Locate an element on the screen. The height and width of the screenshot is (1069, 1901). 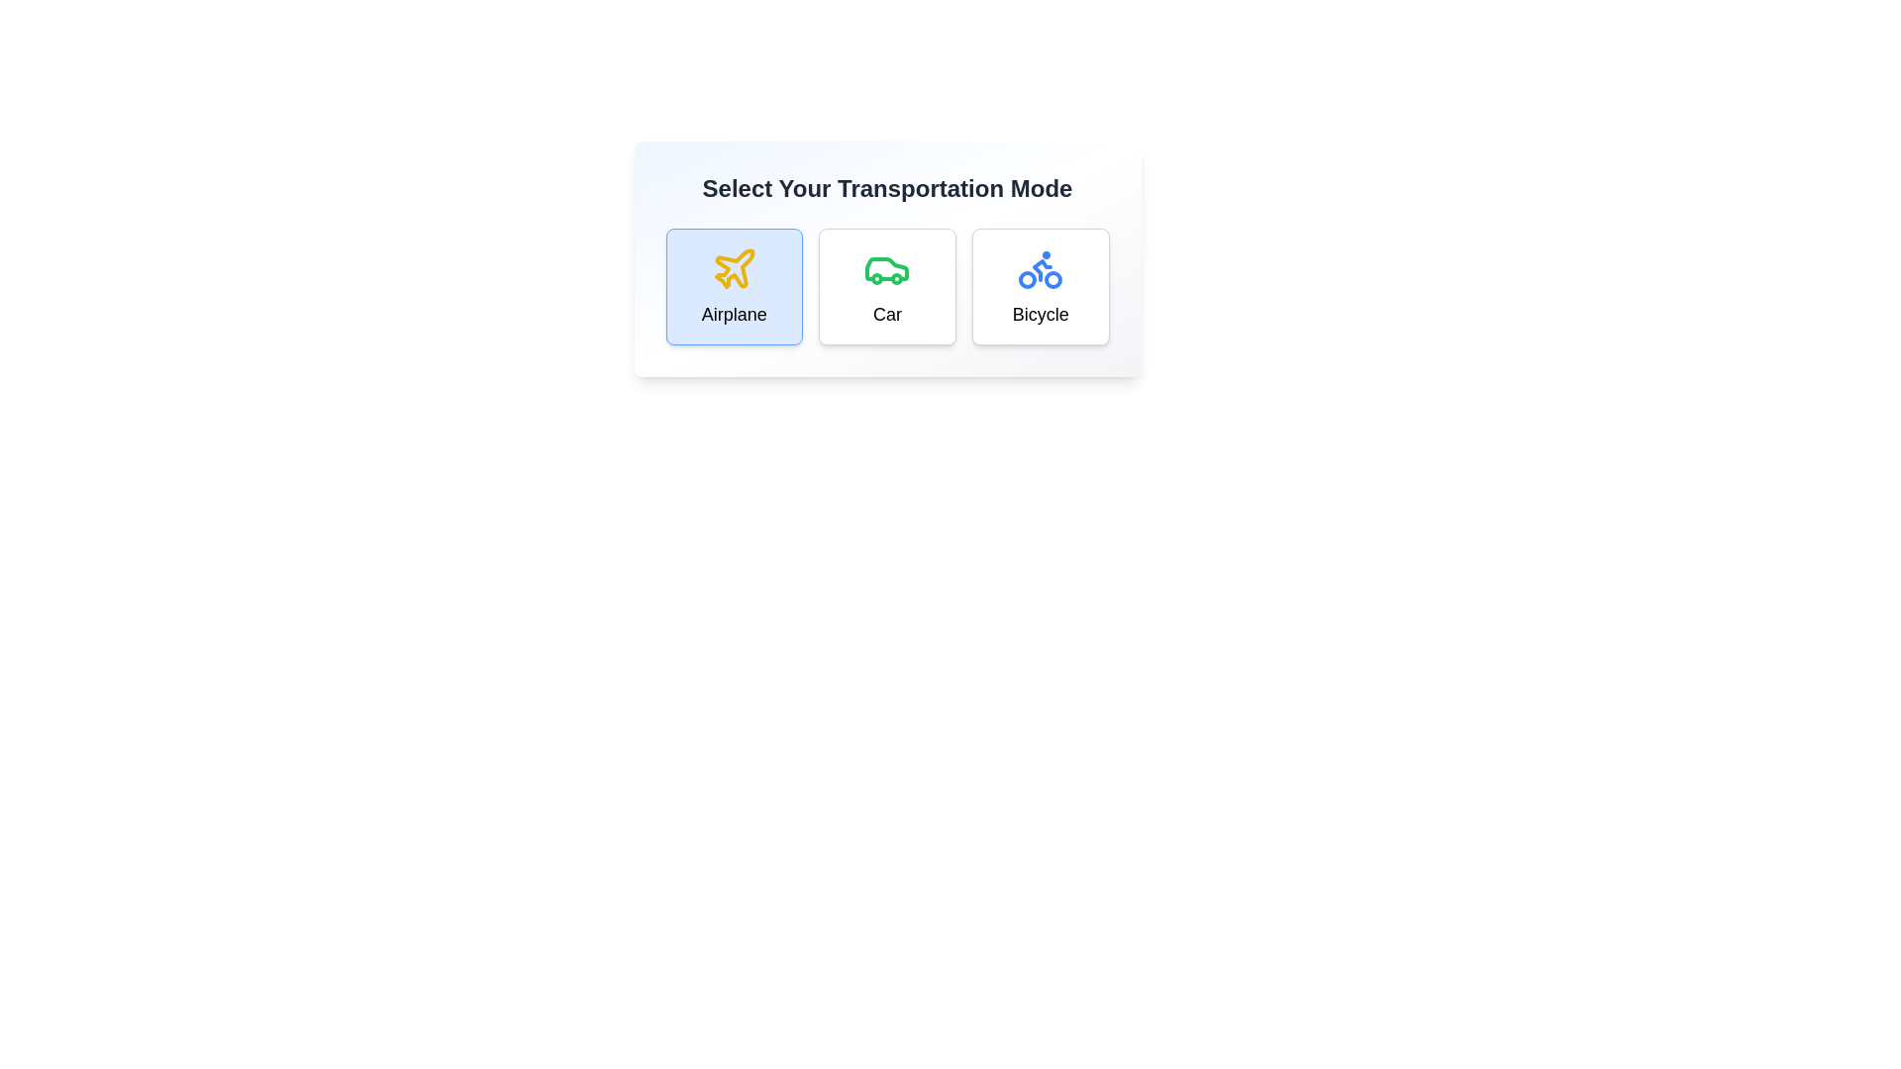
the stylized blue bicycle icon SVG graphic is located at coordinates (1040, 269).